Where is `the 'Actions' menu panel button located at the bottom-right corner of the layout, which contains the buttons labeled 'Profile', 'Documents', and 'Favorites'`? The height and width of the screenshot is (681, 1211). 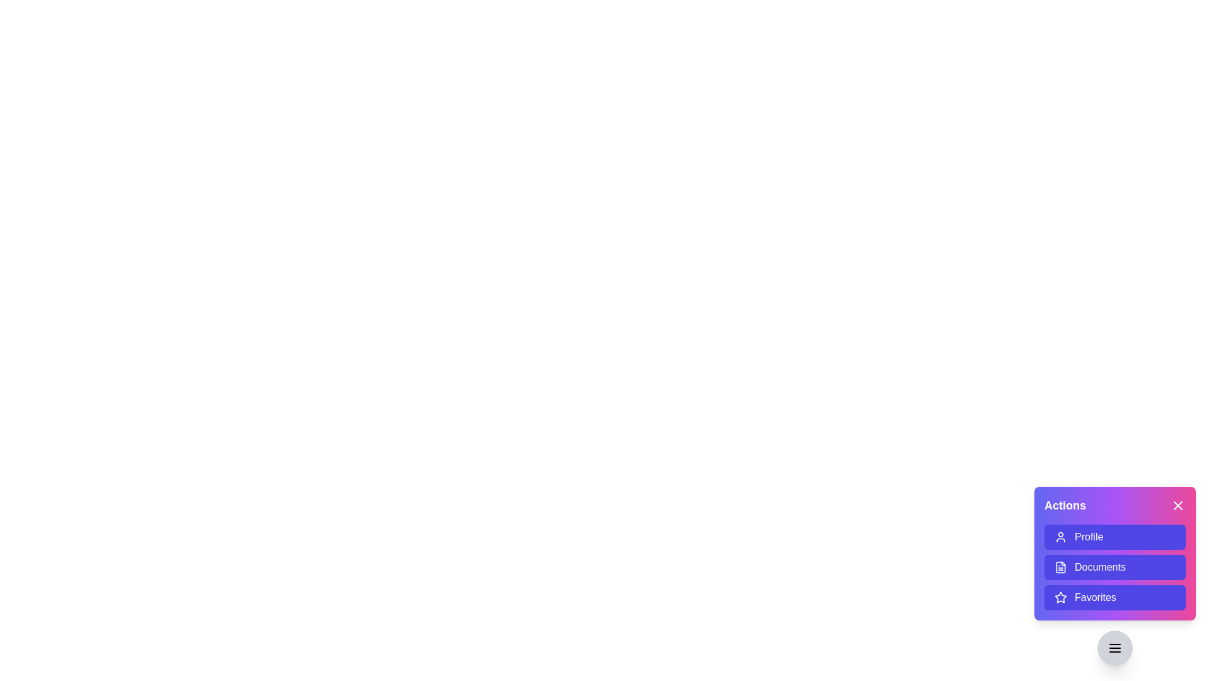 the 'Actions' menu panel button located at the bottom-right corner of the layout, which contains the buttons labeled 'Profile', 'Documents', and 'Favorites' is located at coordinates (1114, 553).